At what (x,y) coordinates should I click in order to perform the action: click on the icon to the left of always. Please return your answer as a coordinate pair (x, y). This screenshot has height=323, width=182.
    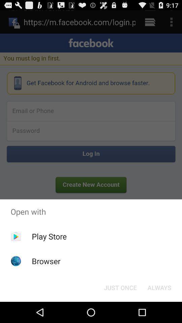
    Looking at the image, I should click on (120, 287).